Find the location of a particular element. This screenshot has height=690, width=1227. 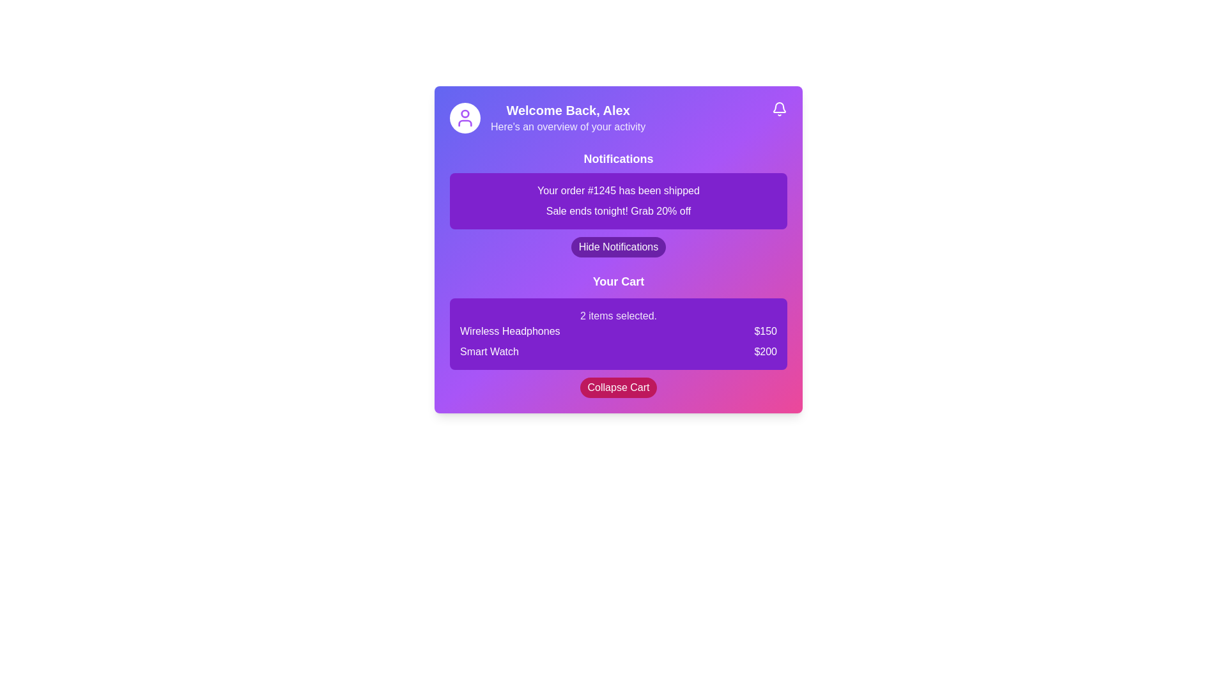

the bell icon located in the top right corner of the vibrant rectangular card interface is located at coordinates (778, 107).